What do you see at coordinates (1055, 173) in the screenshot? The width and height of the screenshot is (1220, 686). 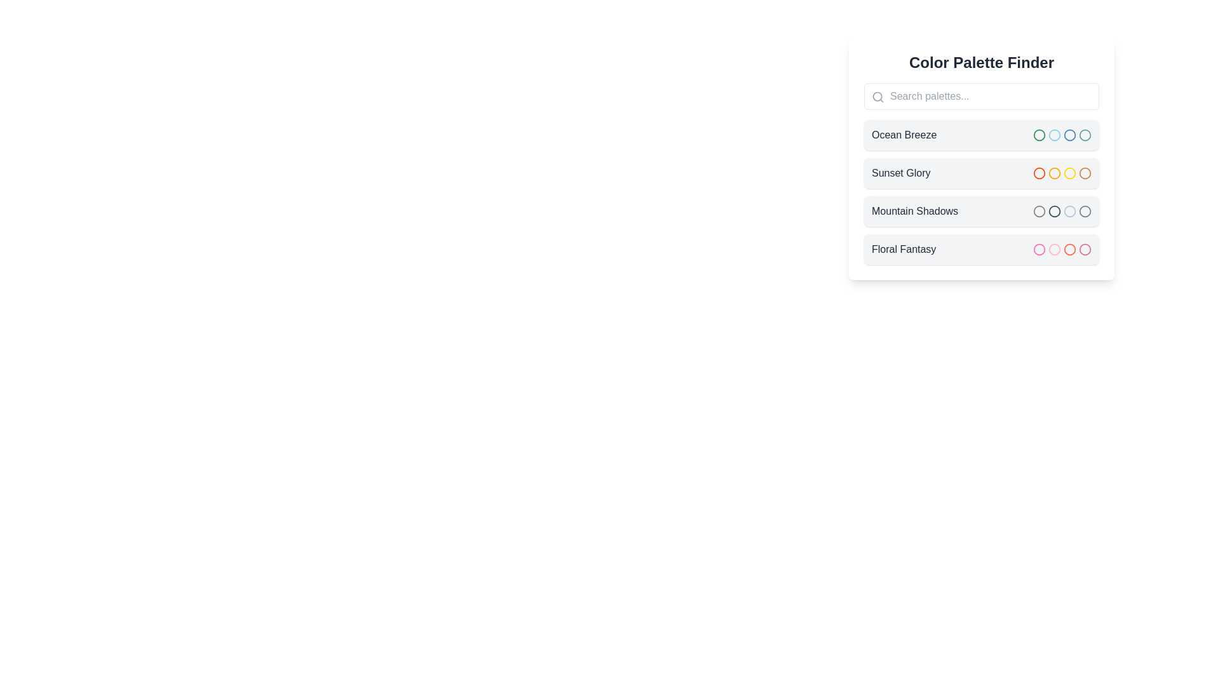 I see `the circular icon with an orange border and transparent center, which is the second icon` at bounding box center [1055, 173].